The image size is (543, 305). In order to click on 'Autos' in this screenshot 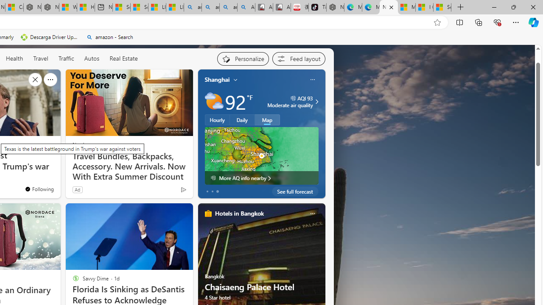, I will do `click(92, 58)`.